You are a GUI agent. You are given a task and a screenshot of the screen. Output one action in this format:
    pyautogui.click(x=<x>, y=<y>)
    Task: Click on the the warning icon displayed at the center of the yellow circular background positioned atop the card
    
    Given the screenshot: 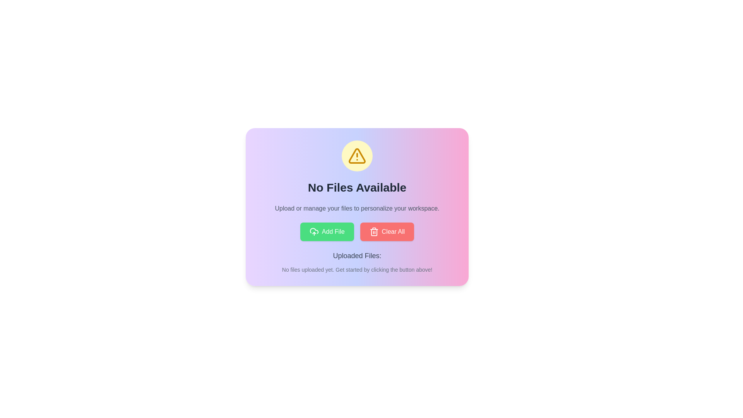 What is the action you would take?
    pyautogui.click(x=356, y=156)
    